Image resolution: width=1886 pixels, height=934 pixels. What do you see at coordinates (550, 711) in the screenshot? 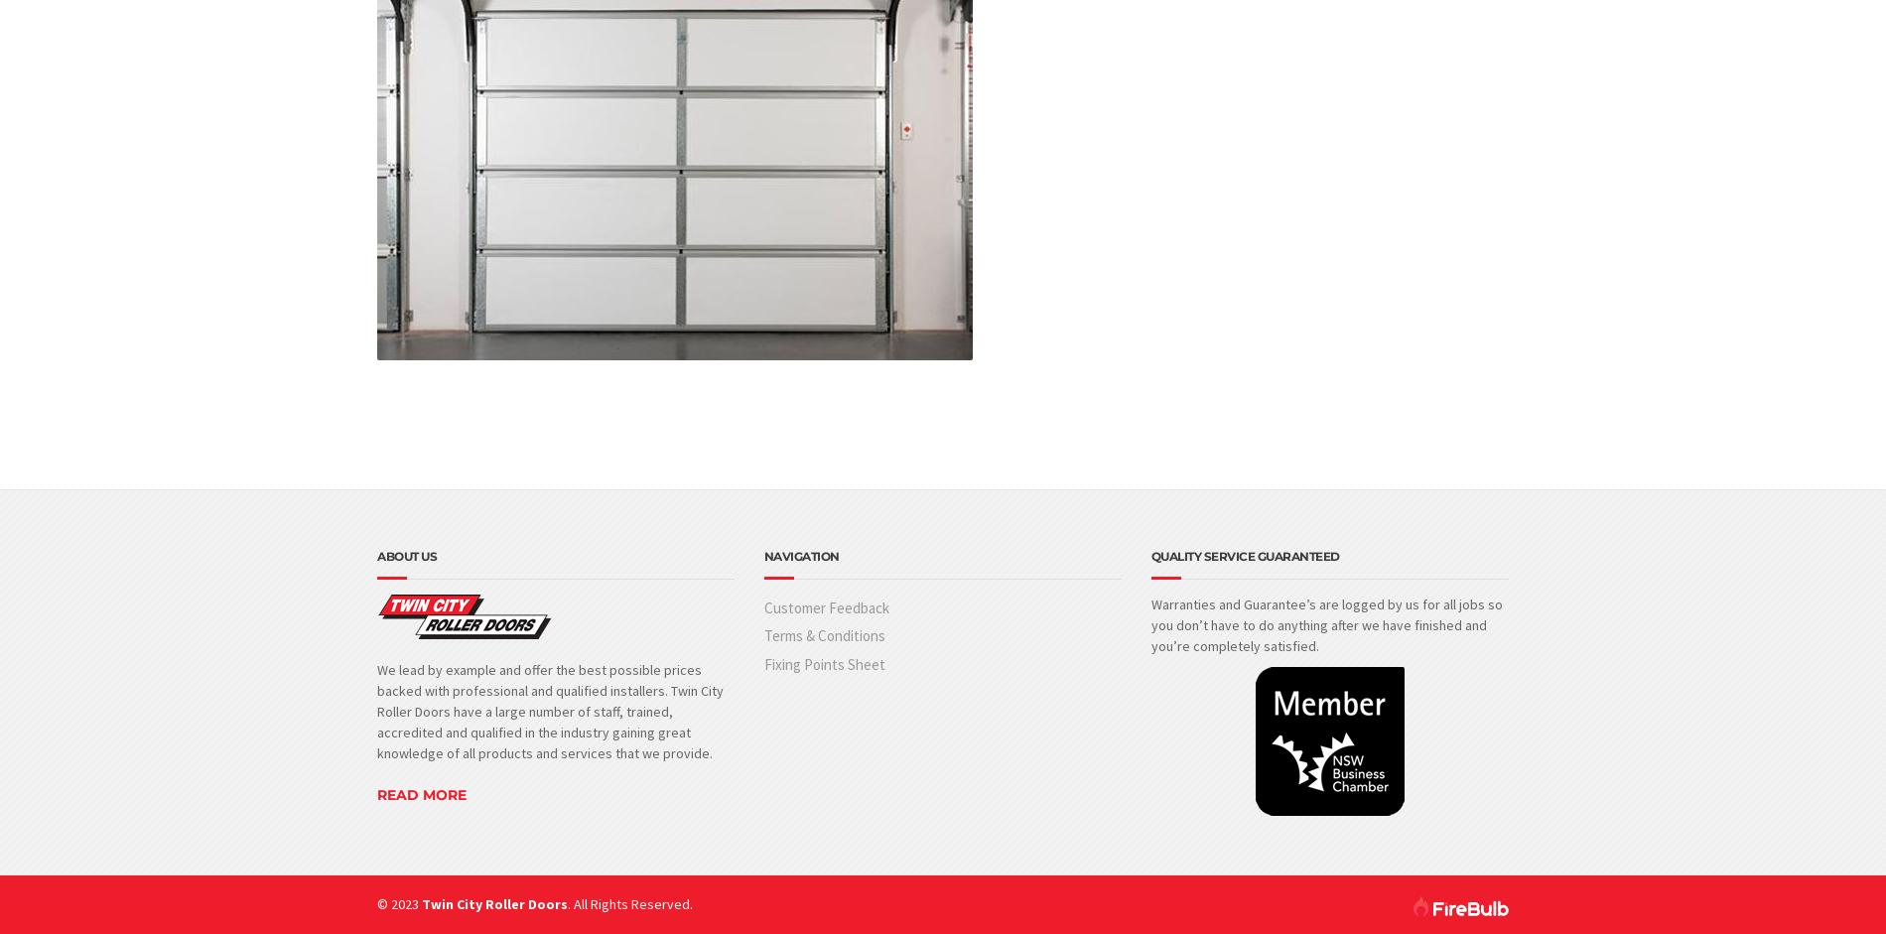
I see `'We lead by example and offer the best possible prices backed with professional and qualified installers. Twin City Roller Doors have a large number of staff, trained, accredited and qualified in the industry gaining great knowledge of all products and services that we provide.'` at bounding box center [550, 711].